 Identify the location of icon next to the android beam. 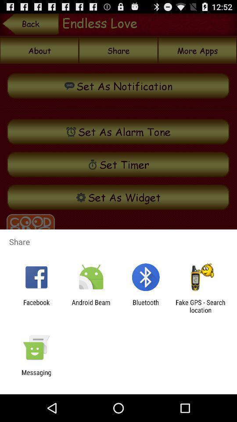
(146, 306).